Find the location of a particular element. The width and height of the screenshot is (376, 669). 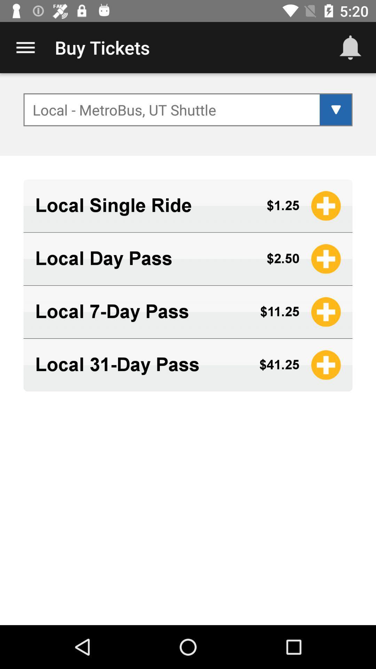

the app below local metrobus ut icon is located at coordinates (144, 205).